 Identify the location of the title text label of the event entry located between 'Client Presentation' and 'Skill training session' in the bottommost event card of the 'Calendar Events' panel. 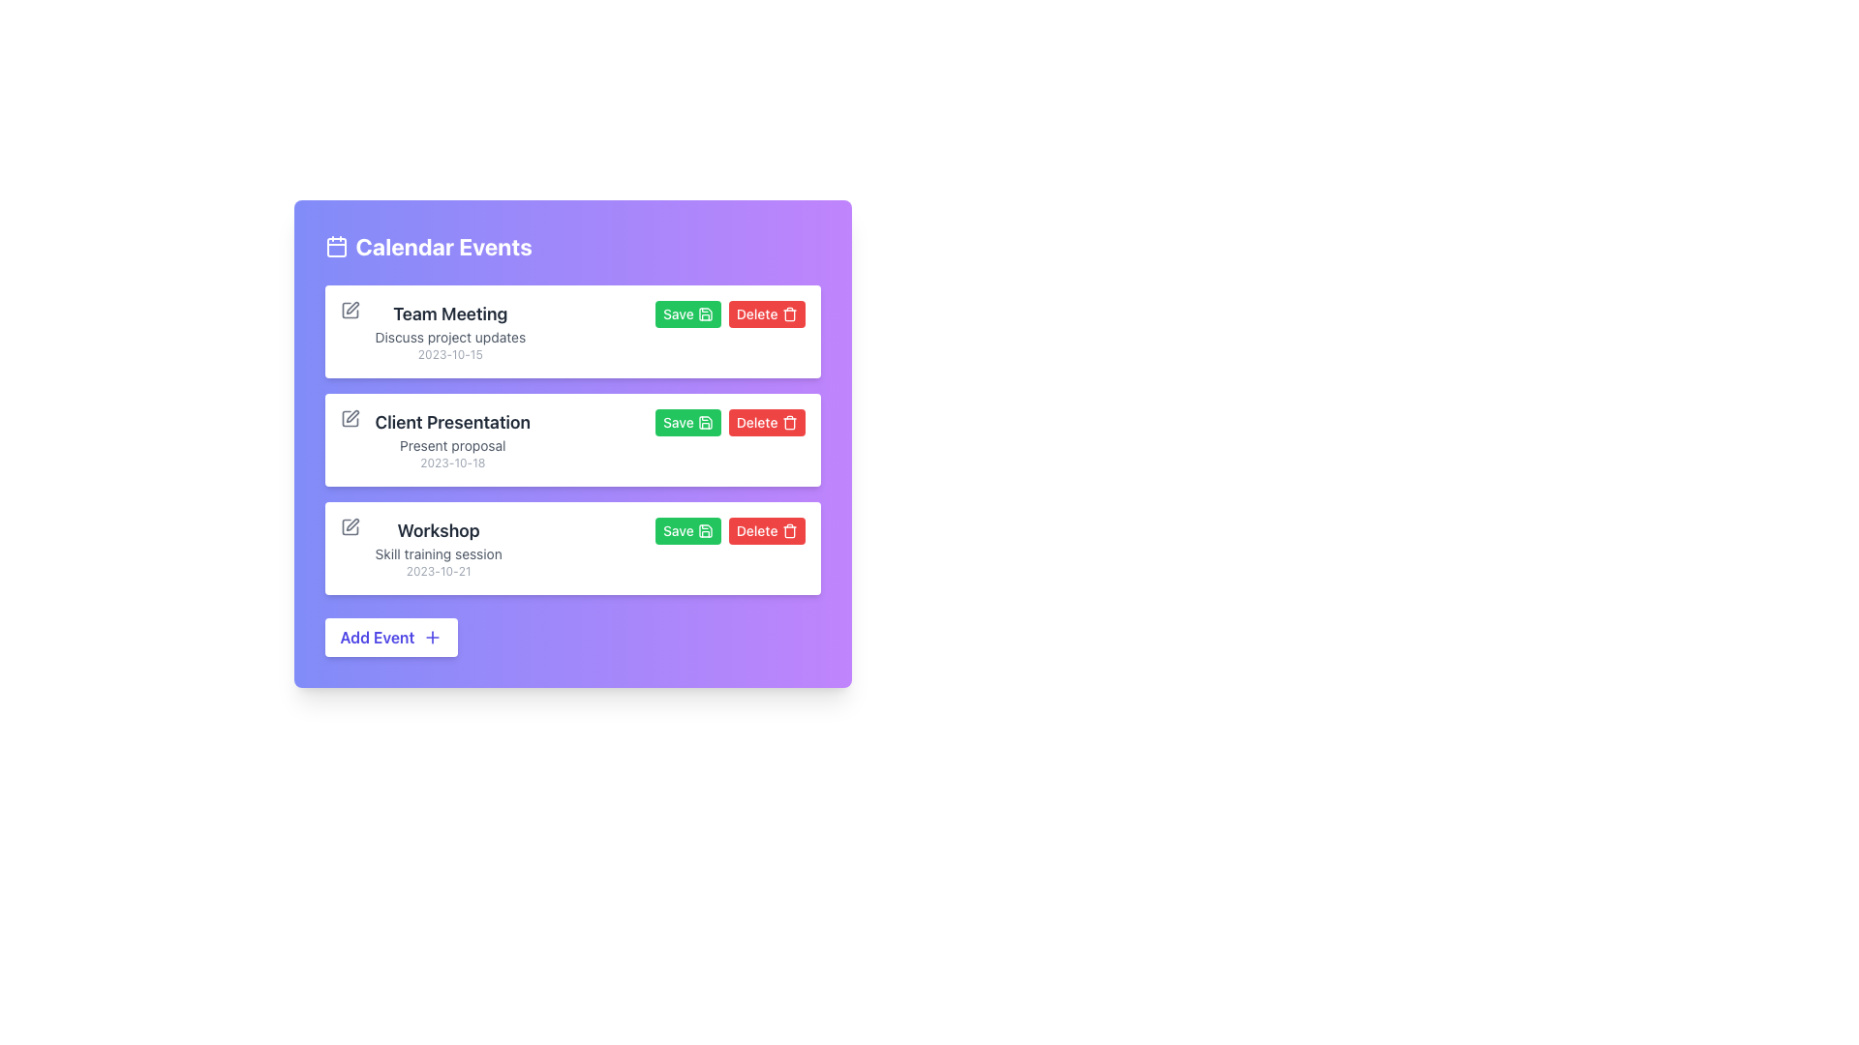
(438, 530).